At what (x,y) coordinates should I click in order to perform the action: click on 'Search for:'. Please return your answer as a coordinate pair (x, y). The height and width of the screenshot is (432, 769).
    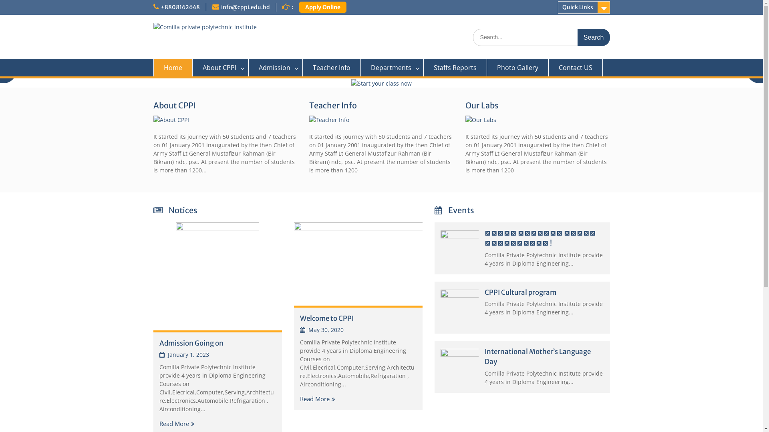
    Looking at the image, I should click on (541, 37).